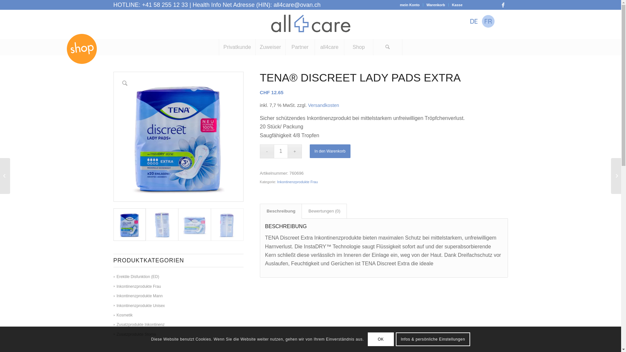 Image resolution: width=626 pixels, height=352 pixels. Describe the element at coordinates (380, 339) in the screenshot. I see `'OK'` at that location.